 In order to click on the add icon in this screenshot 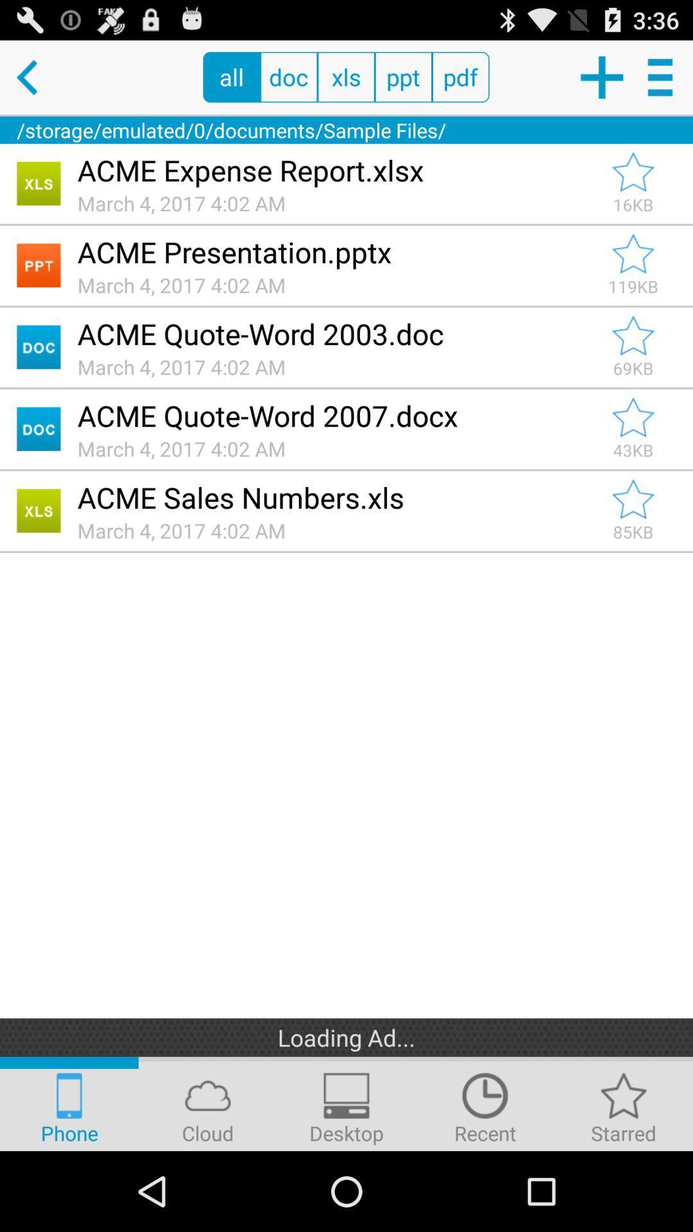, I will do `click(601, 82)`.